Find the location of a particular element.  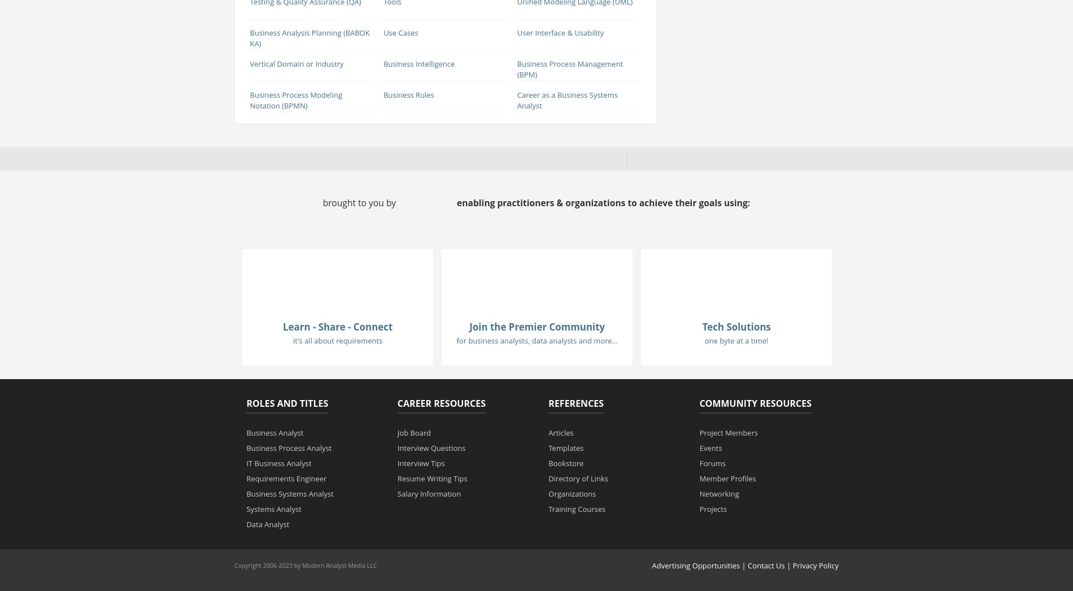

'Networking' is located at coordinates (718, 492).